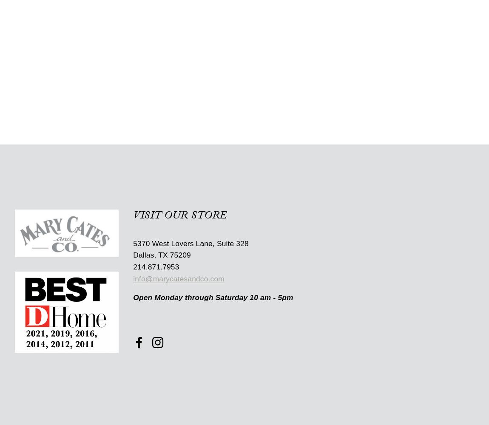  I want to click on 'FLORALS', so click(105, 34).